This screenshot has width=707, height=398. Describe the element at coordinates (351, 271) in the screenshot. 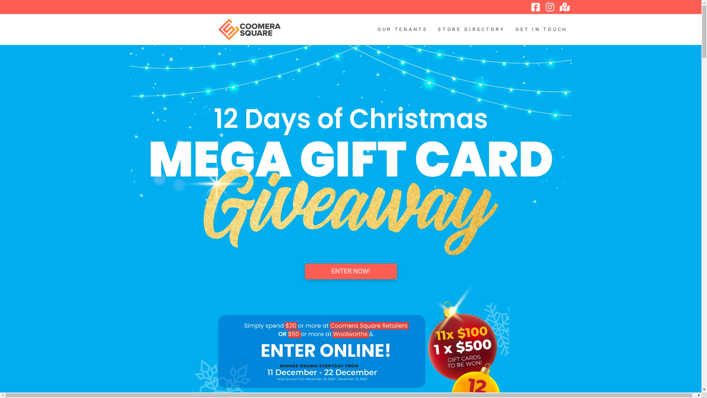

I see `'ENTER NOW!'` at that location.